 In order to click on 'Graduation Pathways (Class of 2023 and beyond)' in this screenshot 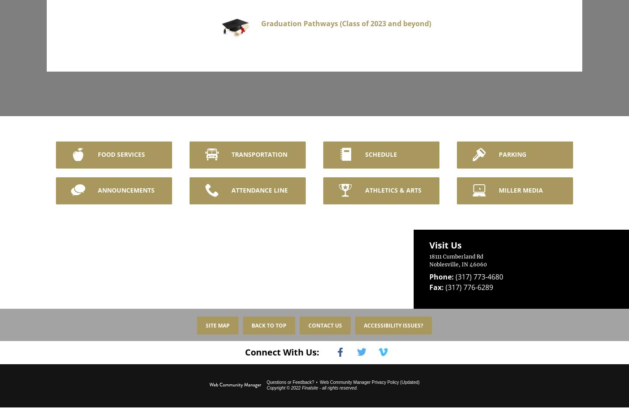, I will do `click(270, 23)`.